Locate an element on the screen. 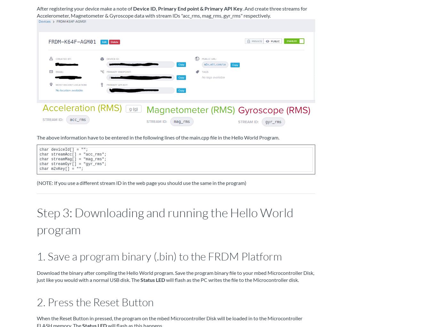 The height and width of the screenshot is (327, 448). 'will flash as the PC writes the file to the Microcontroller disk.' is located at coordinates (232, 280).